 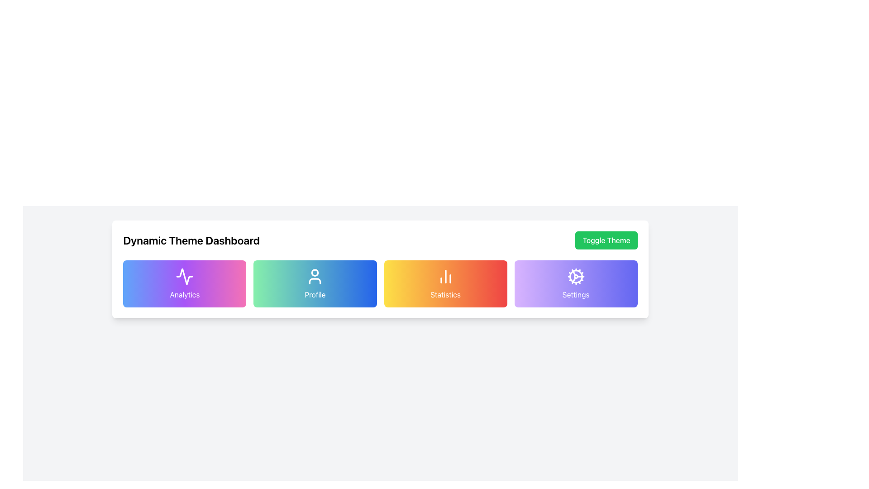 What do you see at coordinates (184, 276) in the screenshot?
I see `the 'Analytics' icon` at bounding box center [184, 276].